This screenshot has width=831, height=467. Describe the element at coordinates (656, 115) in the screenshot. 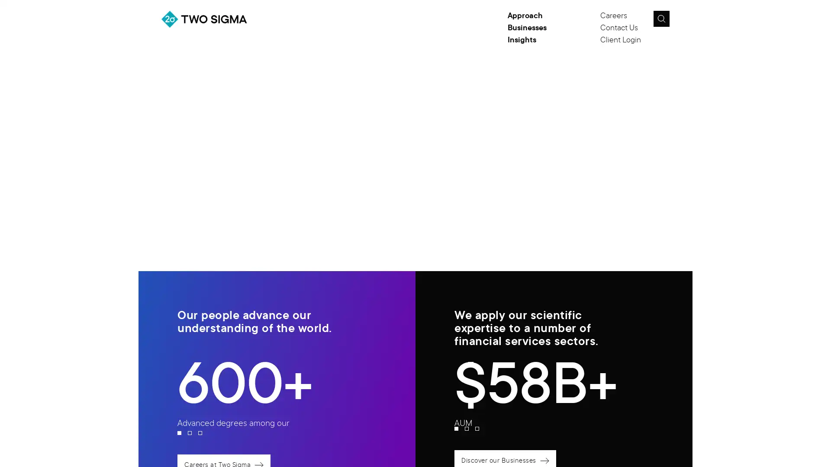

I see `Pause` at that location.